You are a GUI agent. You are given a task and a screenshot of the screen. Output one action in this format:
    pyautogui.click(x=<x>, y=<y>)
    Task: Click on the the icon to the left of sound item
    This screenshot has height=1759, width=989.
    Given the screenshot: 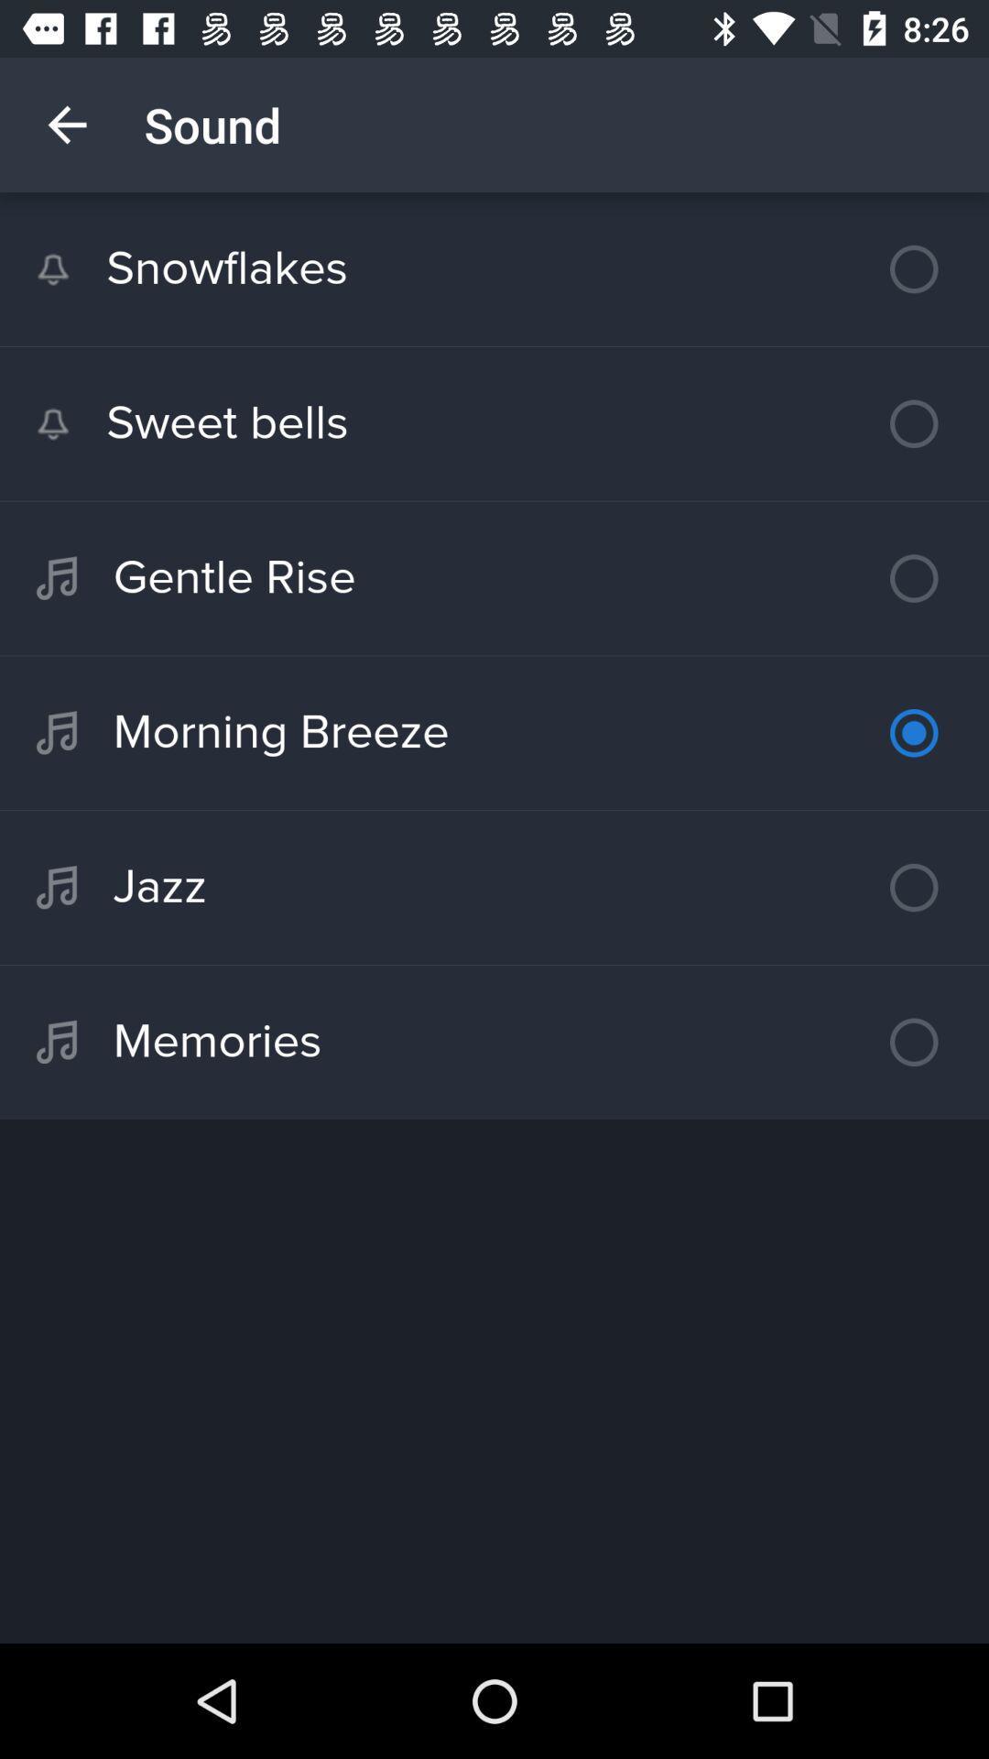 What is the action you would take?
    pyautogui.click(x=66, y=124)
    